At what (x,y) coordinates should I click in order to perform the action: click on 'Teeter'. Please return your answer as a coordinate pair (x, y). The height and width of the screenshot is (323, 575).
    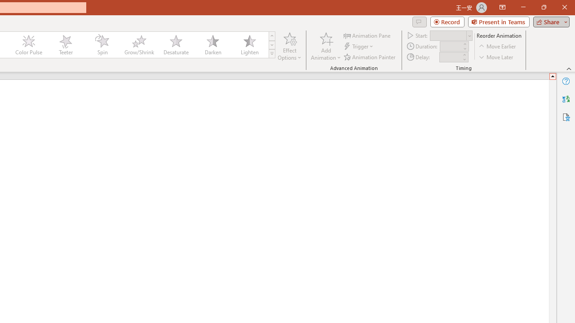
    Looking at the image, I should click on (65, 45).